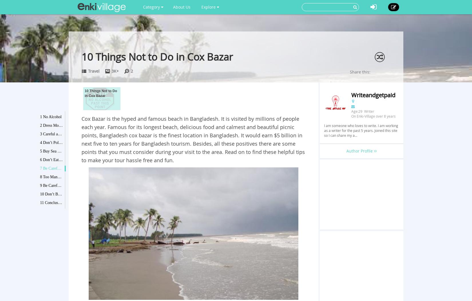 The image size is (472, 301). What do you see at coordinates (209, 7) in the screenshot?
I see `'Explore'` at bounding box center [209, 7].